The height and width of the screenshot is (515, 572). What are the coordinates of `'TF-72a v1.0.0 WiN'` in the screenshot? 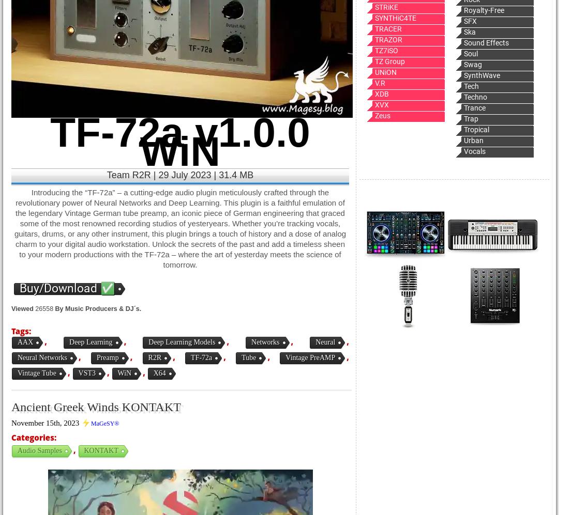 It's located at (50, 142).